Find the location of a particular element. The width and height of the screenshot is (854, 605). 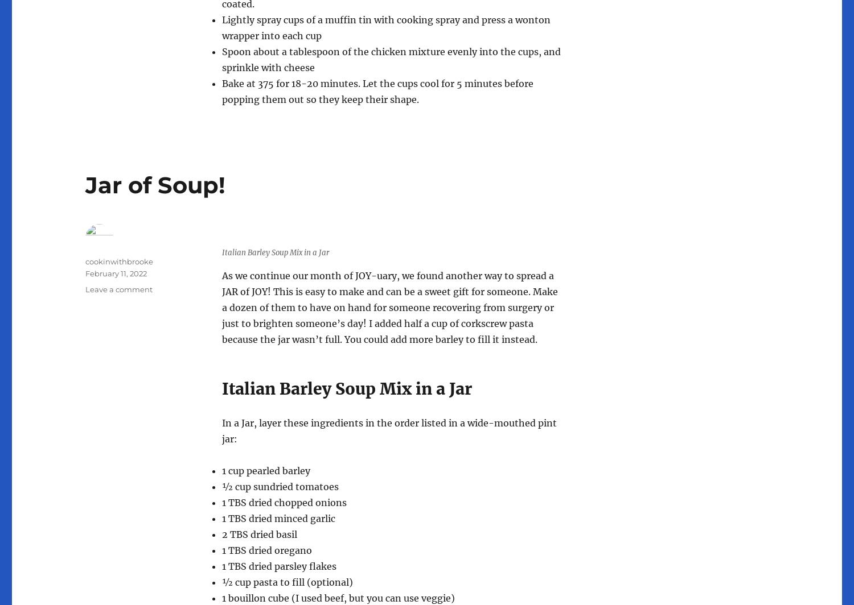

'cookinwithbrooke' is located at coordinates (118, 261).